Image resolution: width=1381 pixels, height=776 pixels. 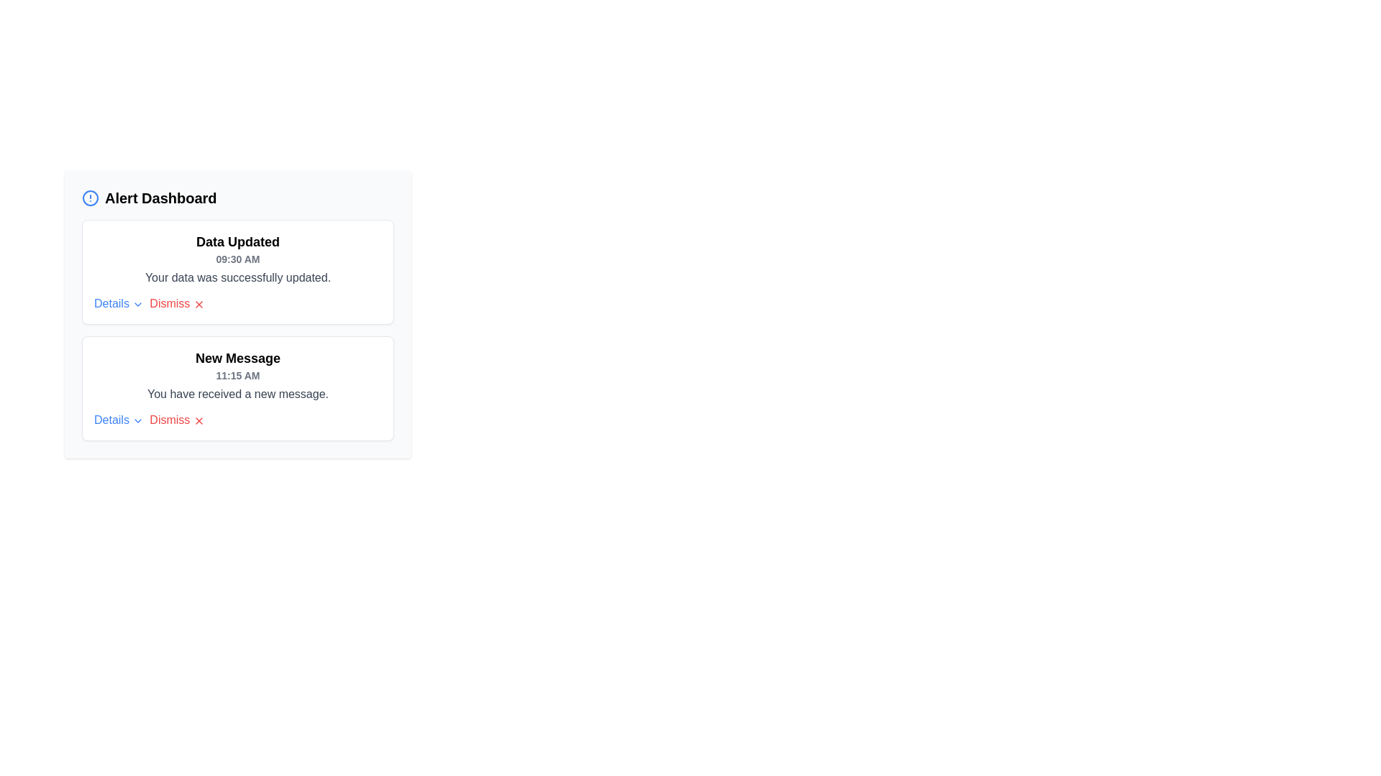 I want to click on the static text element that serves as the title and timestamp for the notification in the 'New Message' card, so click(x=238, y=365).